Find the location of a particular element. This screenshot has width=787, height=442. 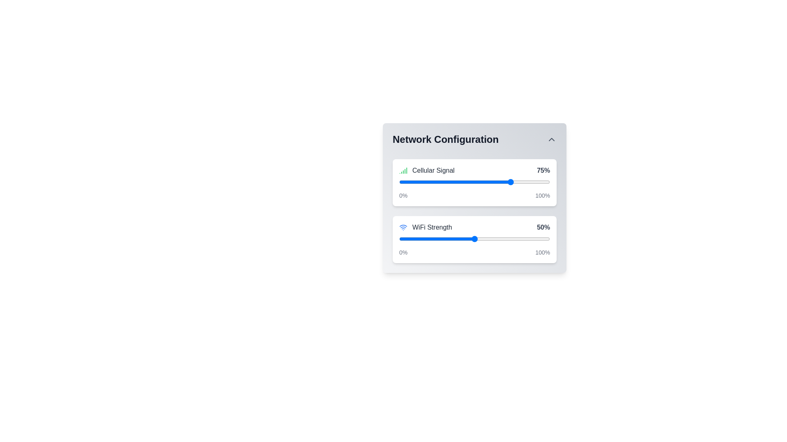

the 'Cellular Signal' text with icon, which features a green cellular signal icon and the label 'Cellular Signal' in bold dark gray font, located in the upper section of the 'Network Configuration' panel is located at coordinates (426, 170).